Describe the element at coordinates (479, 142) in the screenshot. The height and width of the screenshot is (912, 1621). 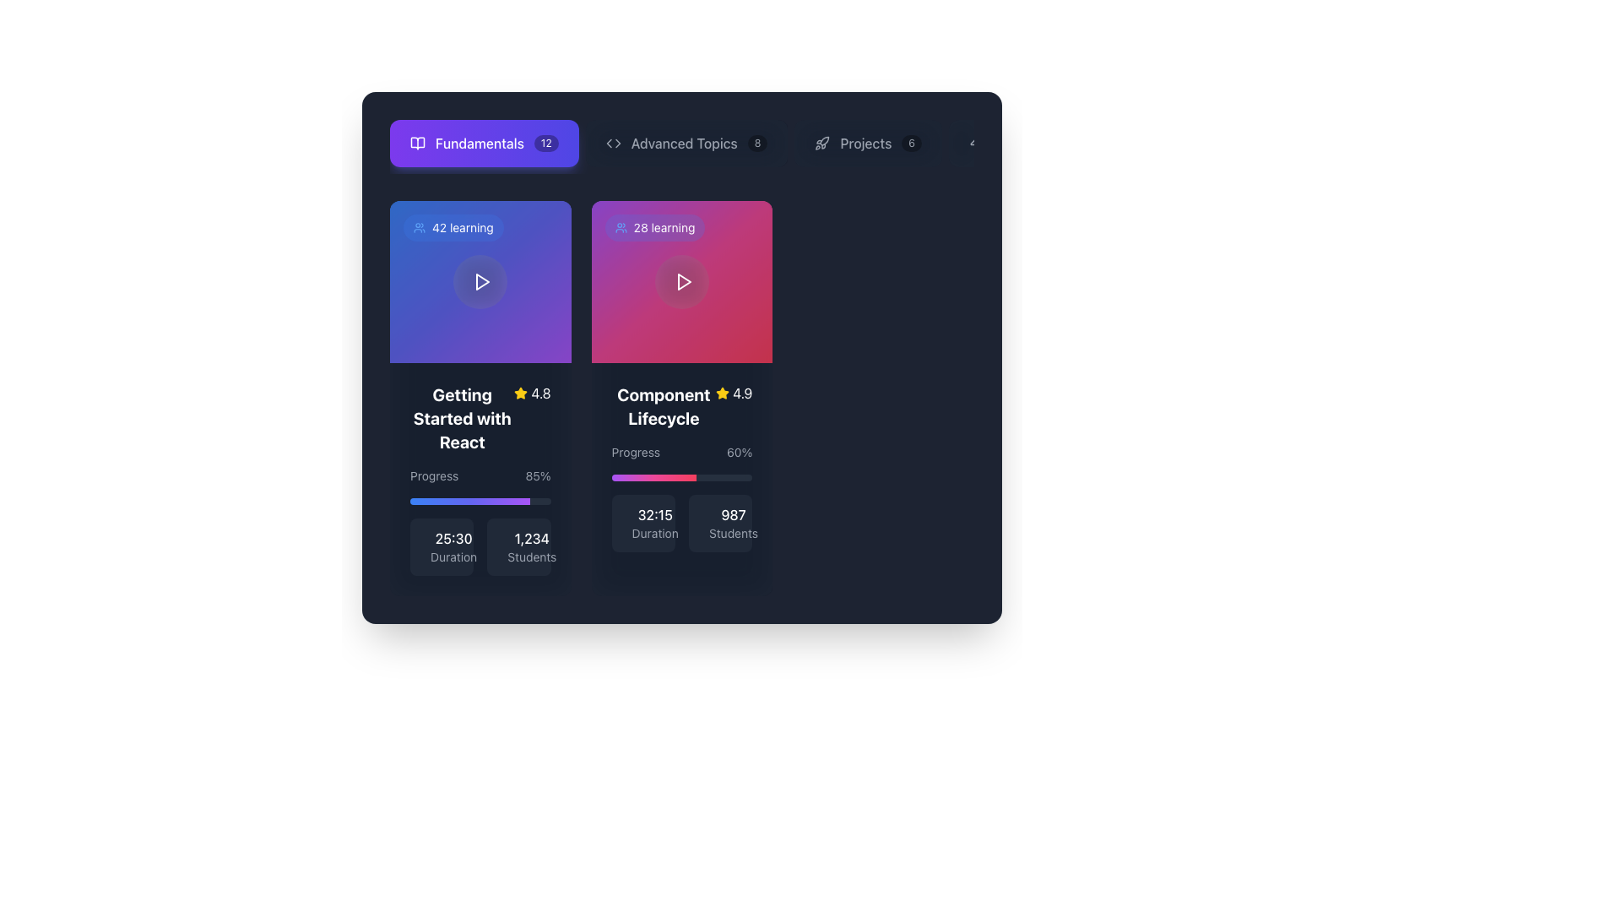
I see `the text label displaying 'Fundamentals' in bold font, which is centrally positioned within a button-like structure that transitions from violet to indigo` at that location.